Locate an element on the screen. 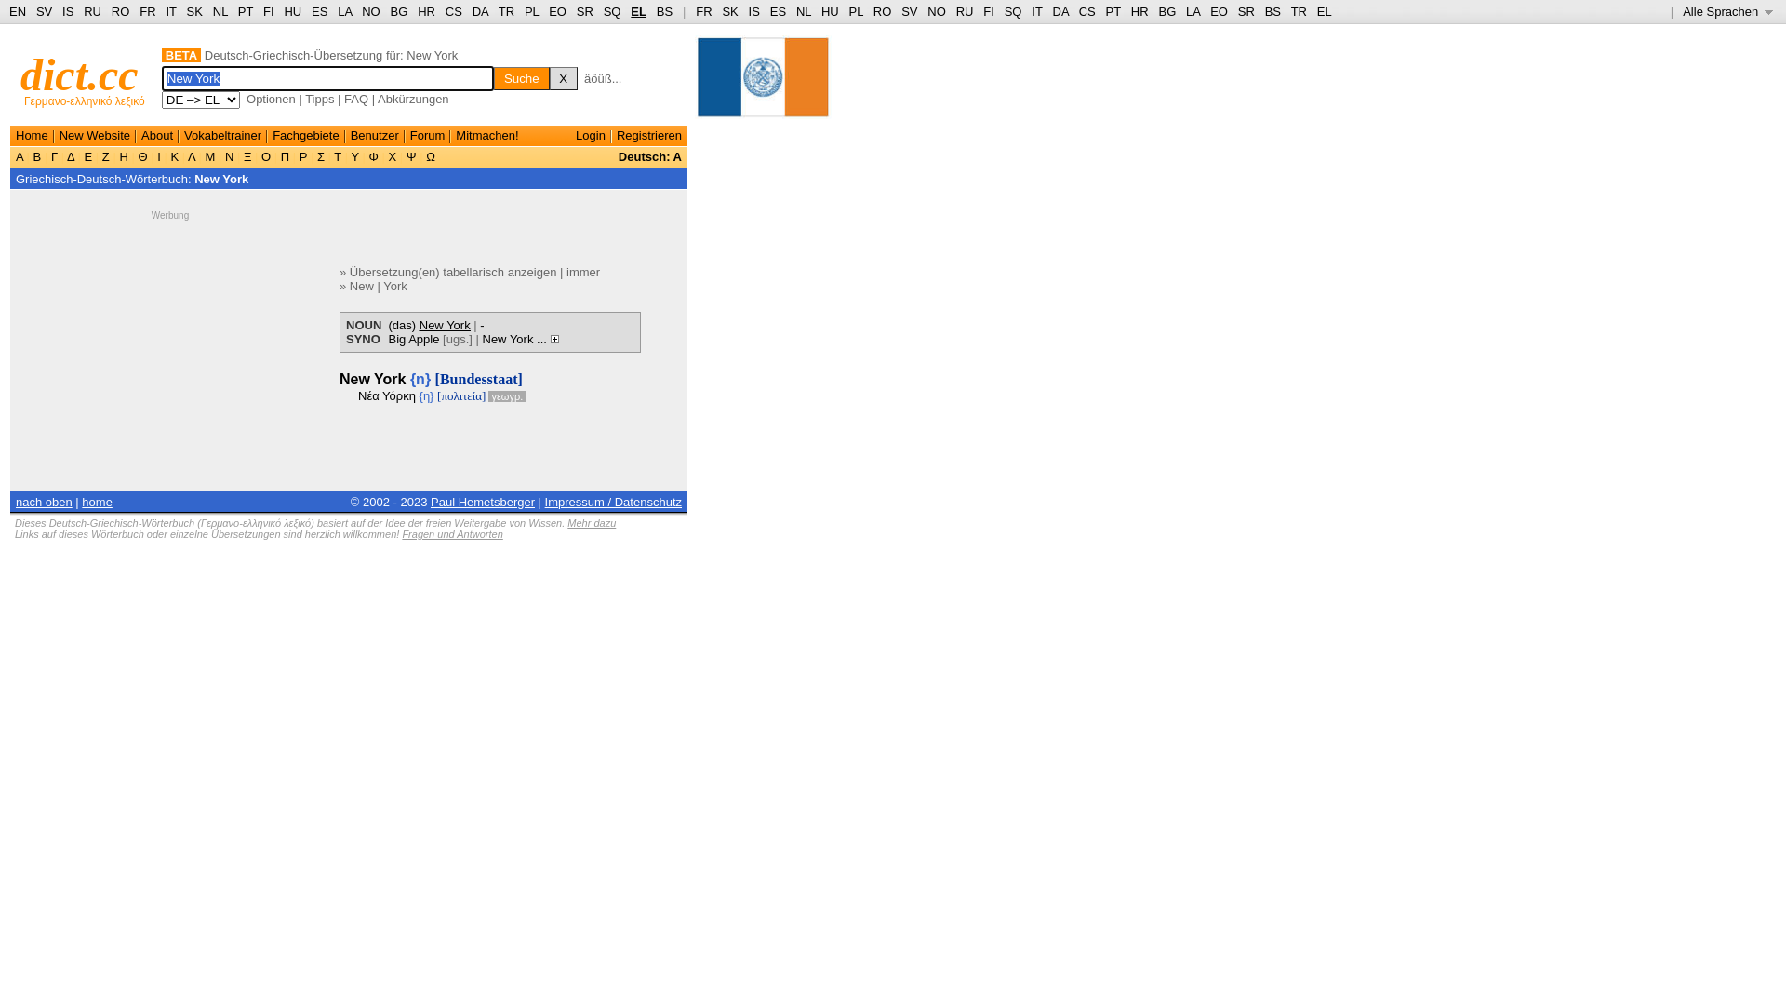 This screenshot has width=1786, height=1005. 'new york city flag' is located at coordinates (763, 85).